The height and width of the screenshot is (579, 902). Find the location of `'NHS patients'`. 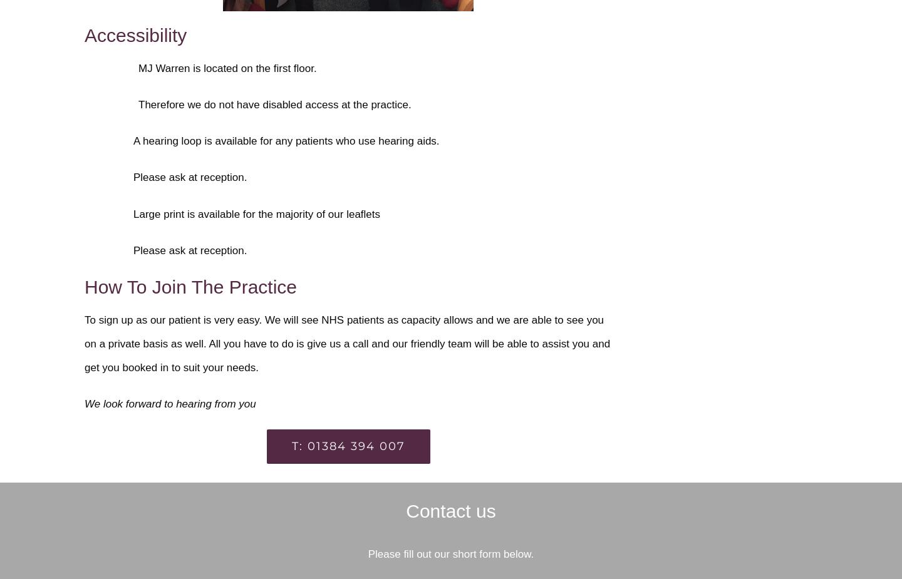

'NHS patients' is located at coordinates (321, 319).